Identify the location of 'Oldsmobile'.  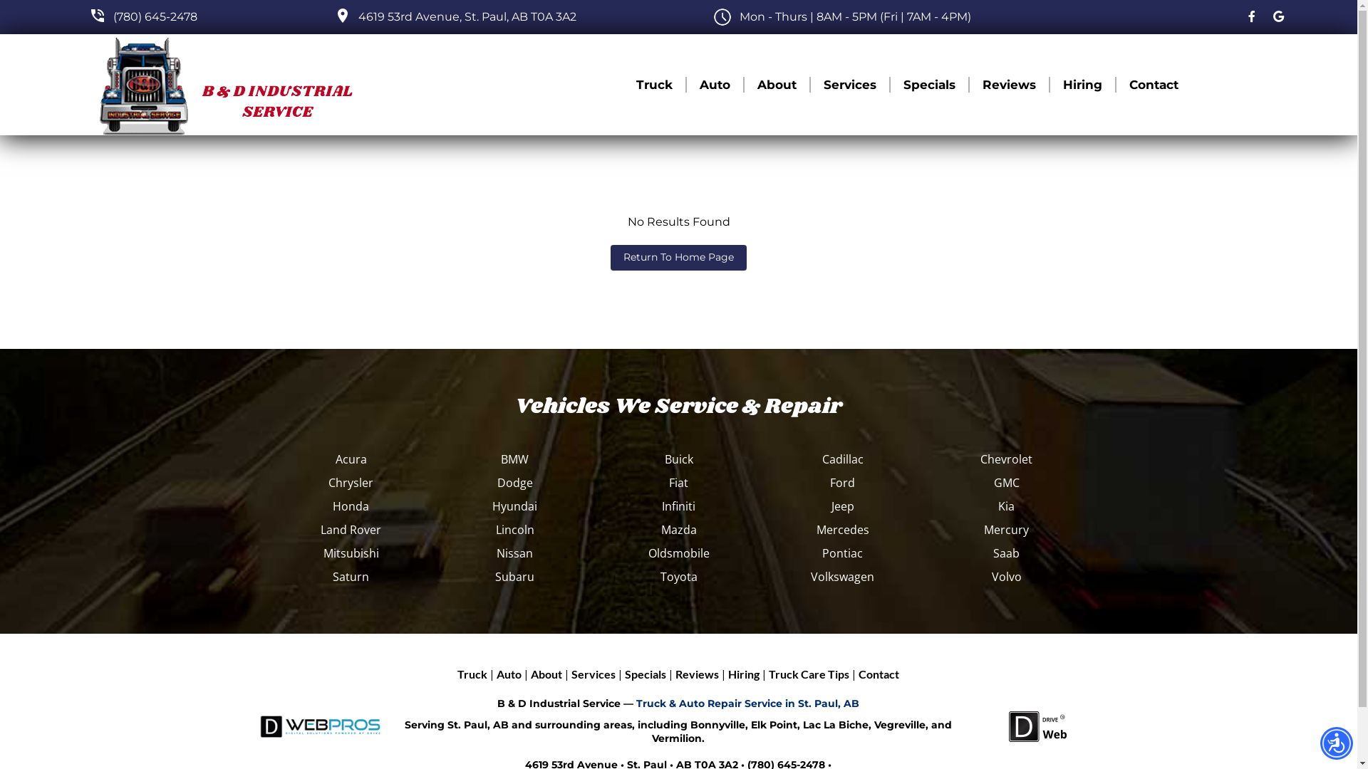
(678, 552).